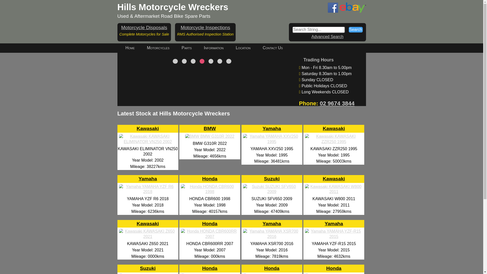  I want to click on 'Search', so click(355, 29).